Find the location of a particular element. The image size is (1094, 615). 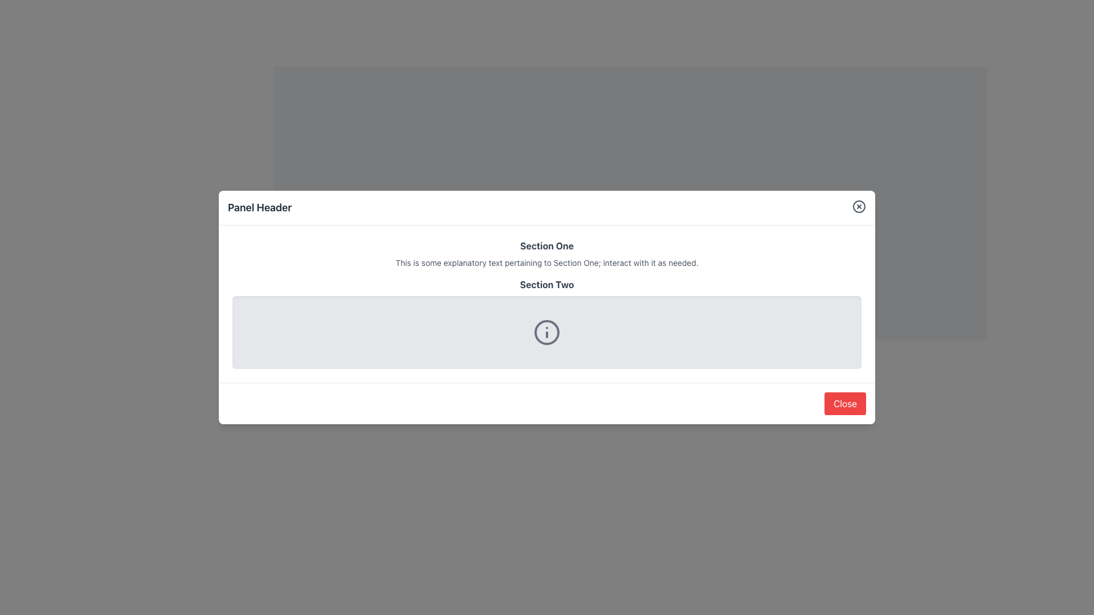

text label located centrally beneath the horizontal line divider, which serves as a heading for the section is located at coordinates (547, 284).